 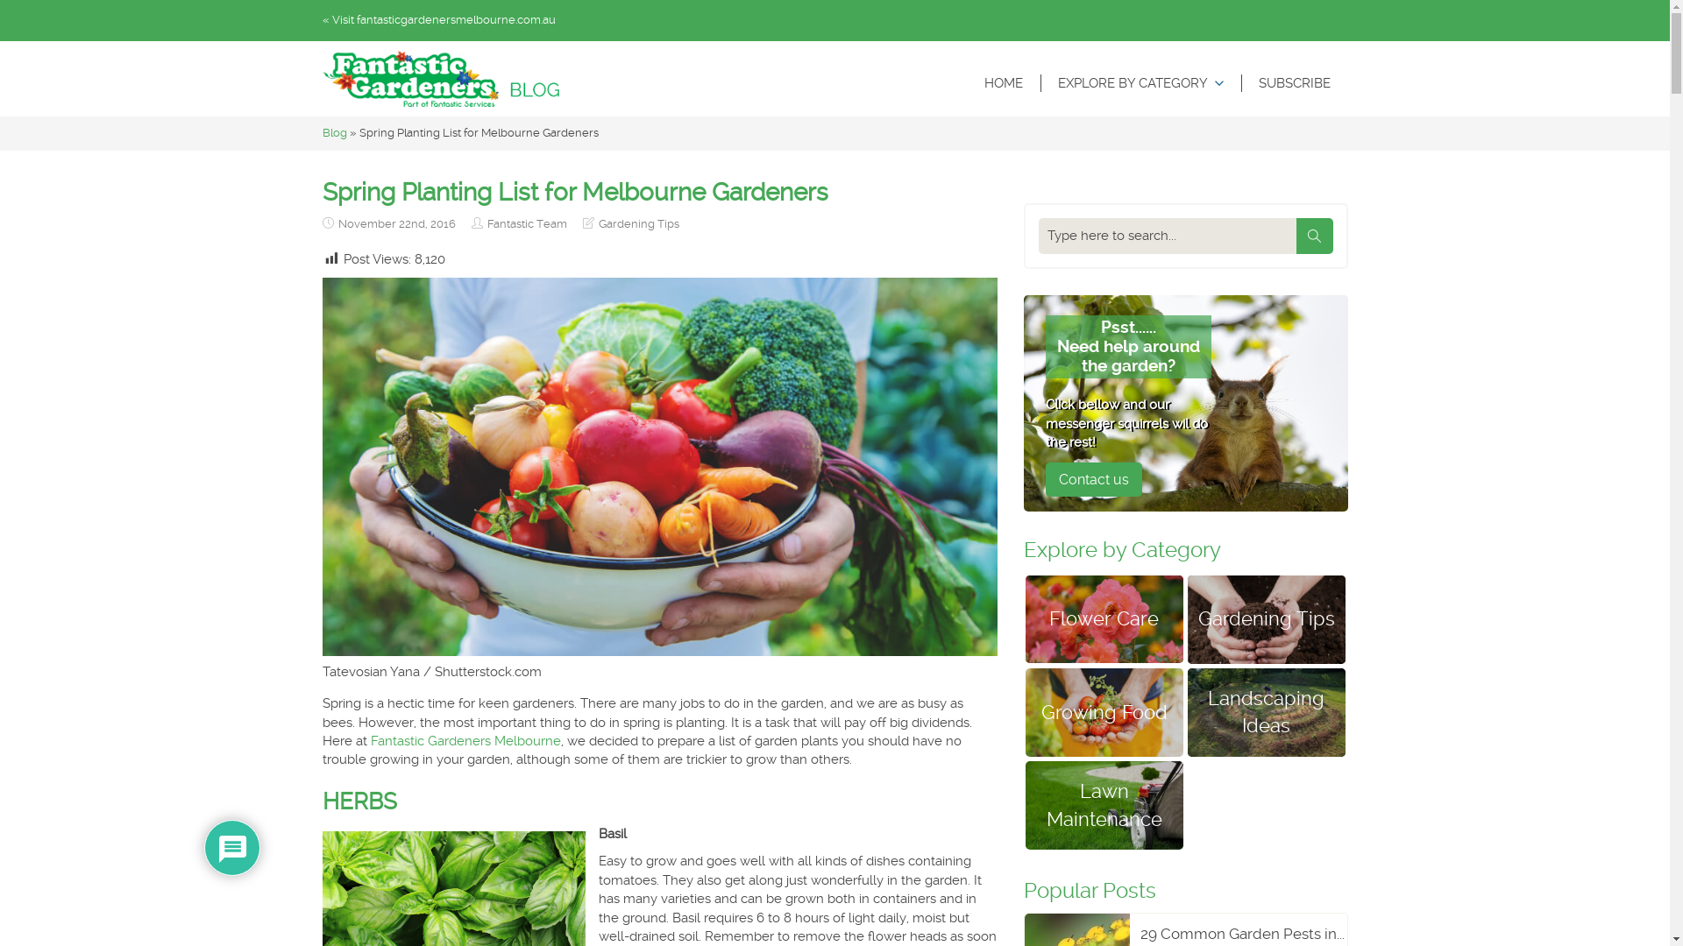 What do you see at coordinates (1313, 235) in the screenshot?
I see `'Search'` at bounding box center [1313, 235].